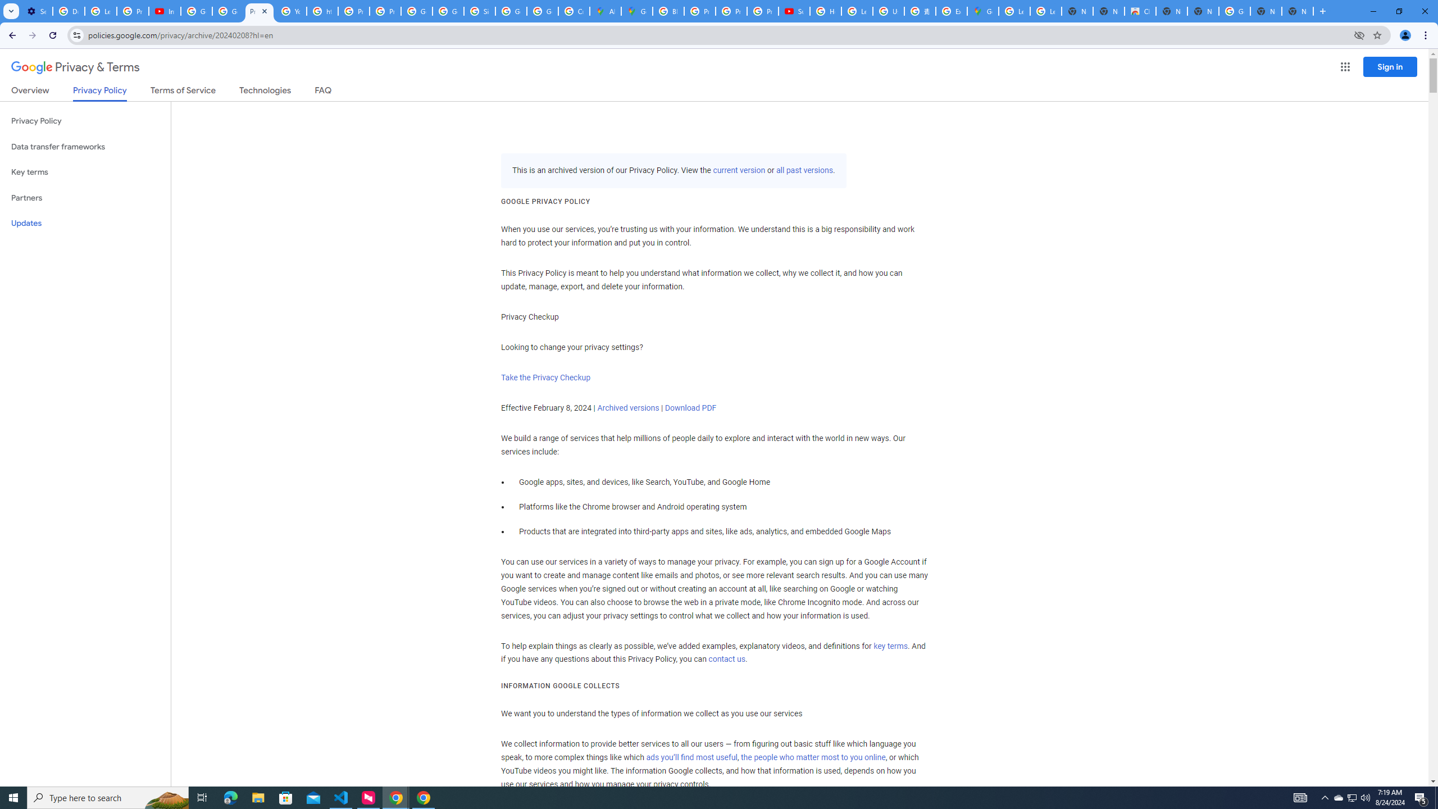  I want to click on 'New Tab', so click(1298, 11).